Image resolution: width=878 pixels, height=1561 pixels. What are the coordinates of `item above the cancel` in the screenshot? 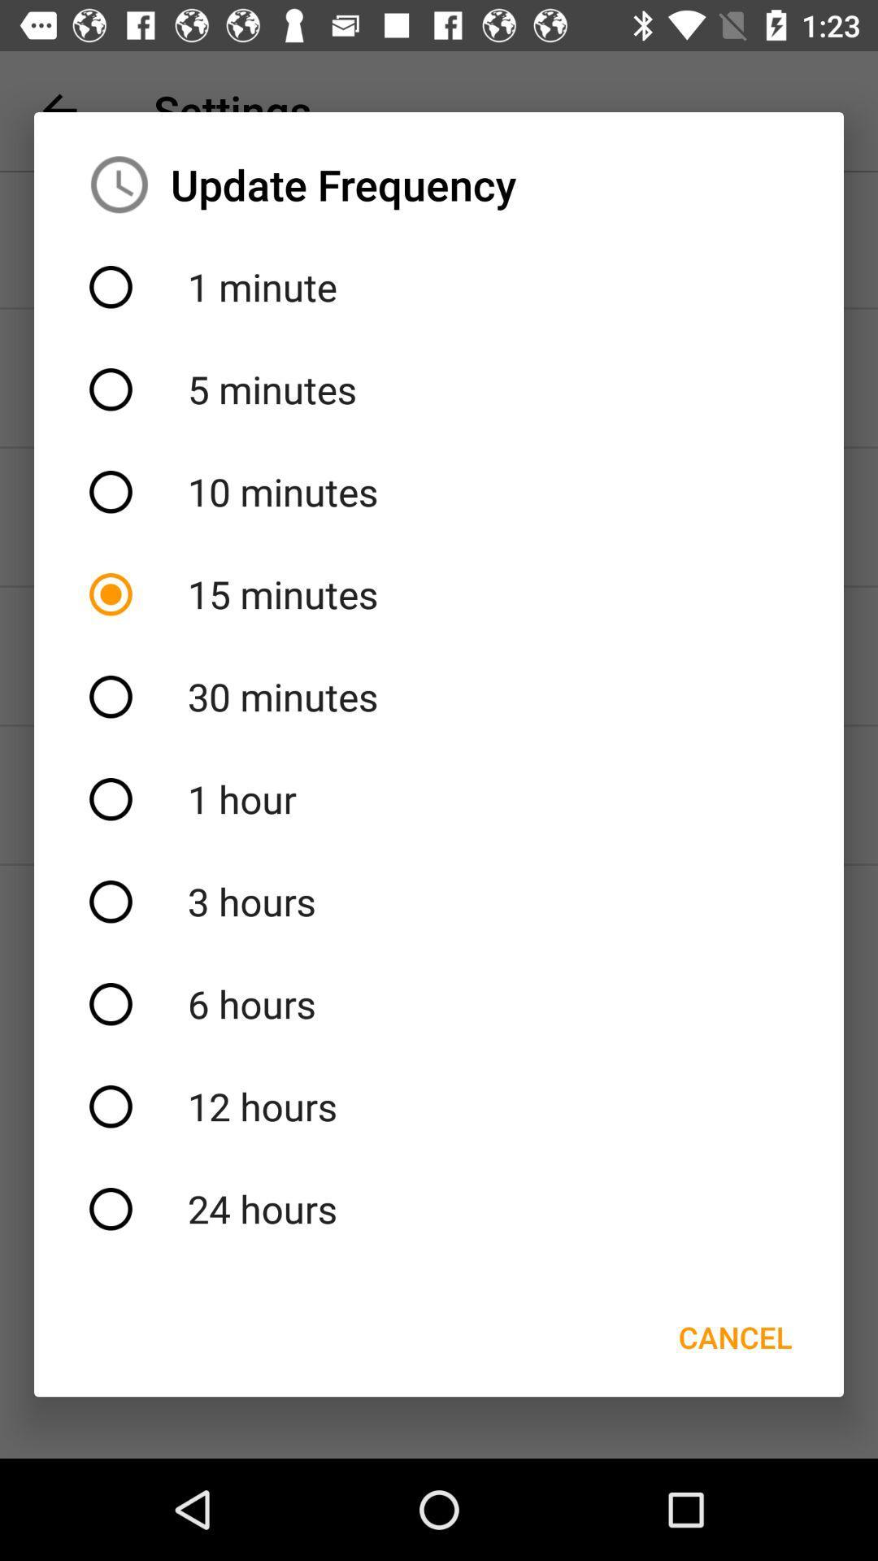 It's located at (439, 1209).